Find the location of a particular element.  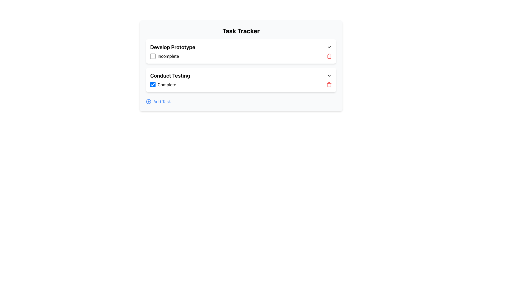

the checkbox located on the right side of the second task row labeled 'Conduct Testing' is located at coordinates (163, 84).